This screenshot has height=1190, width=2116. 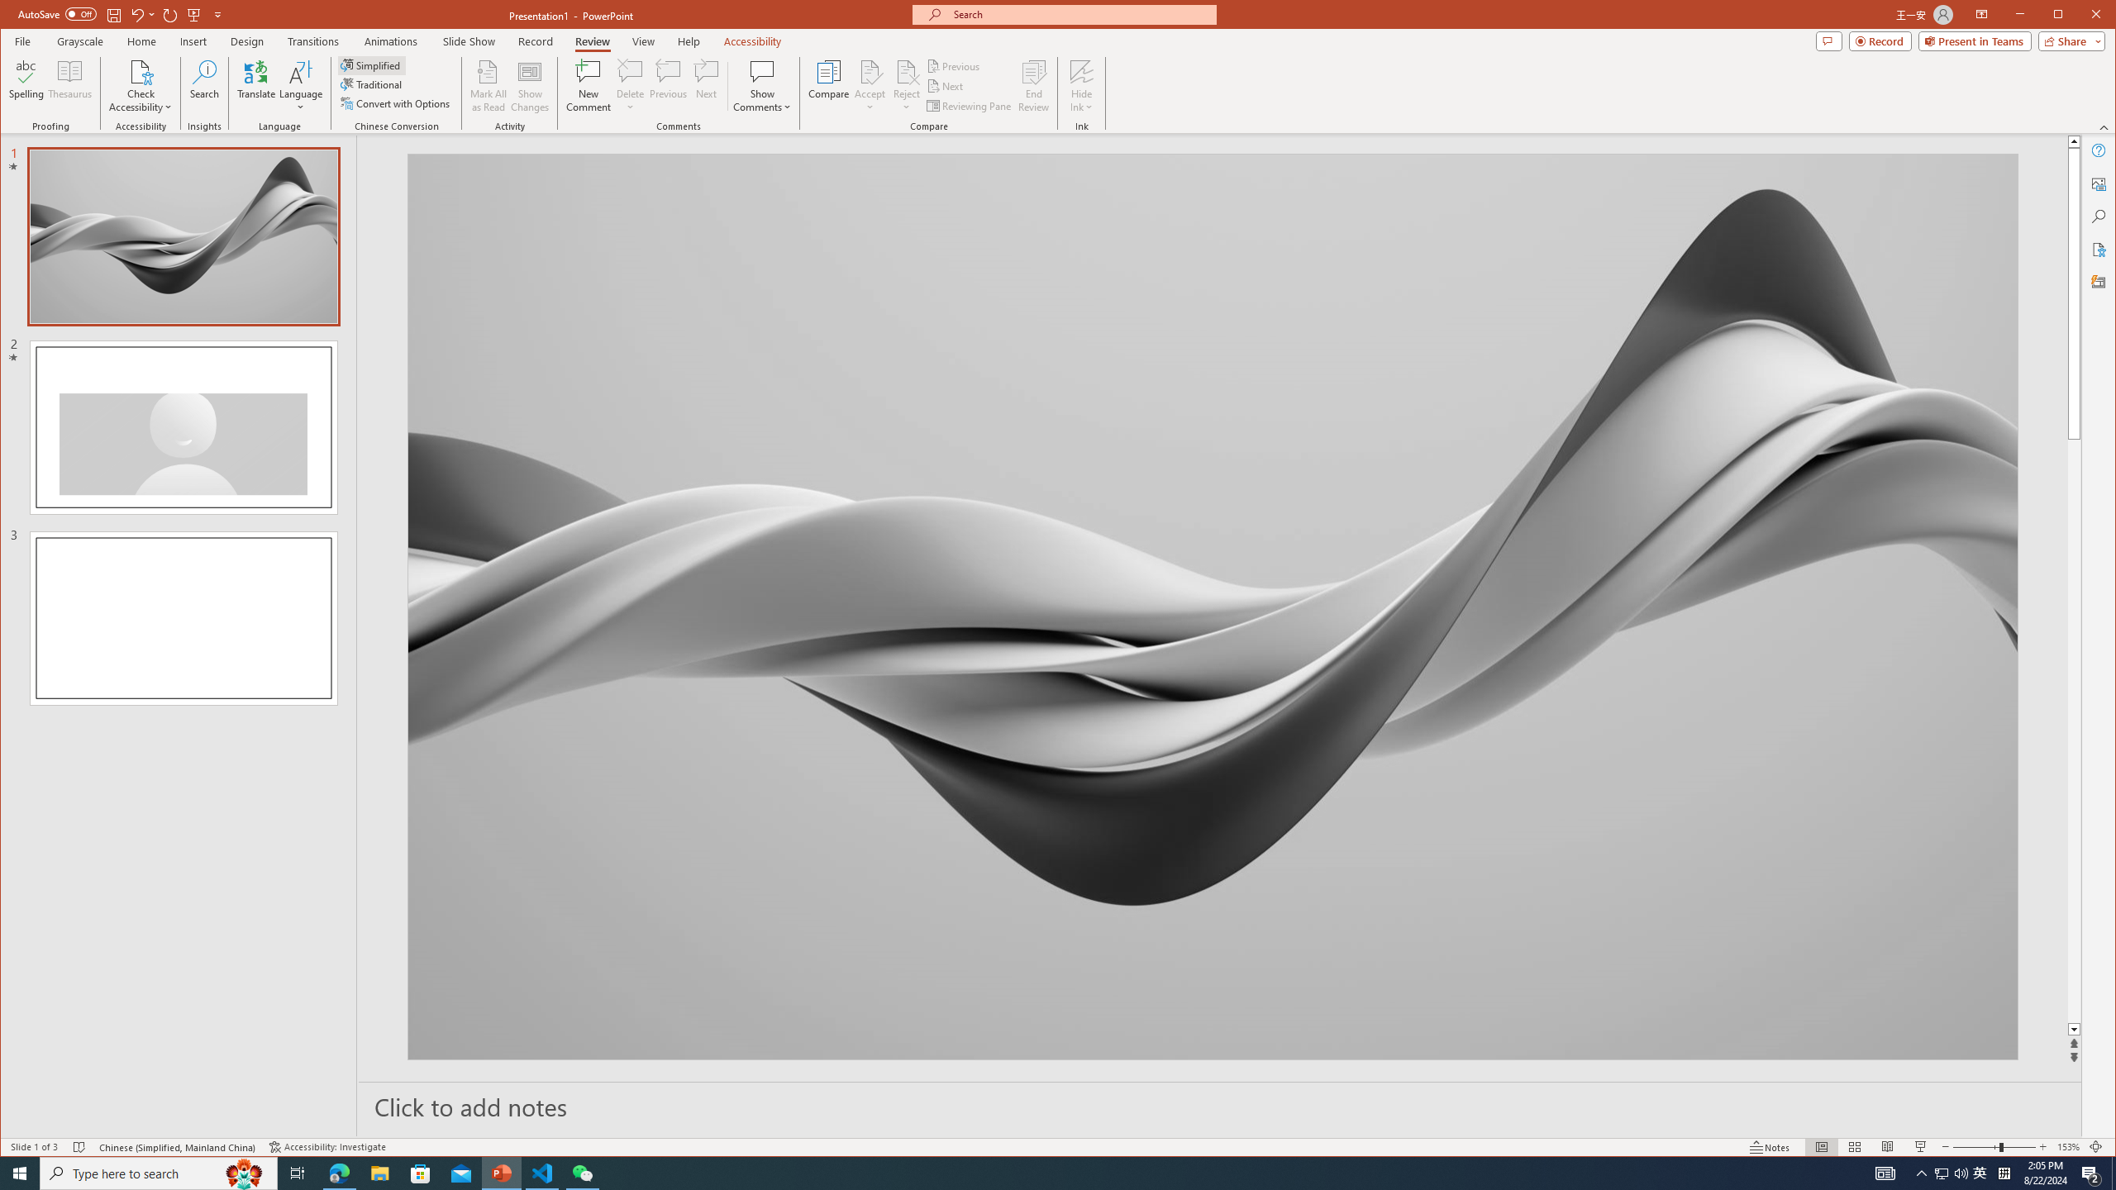 What do you see at coordinates (946, 86) in the screenshot?
I see `'Next'` at bounding box center [946, 86].